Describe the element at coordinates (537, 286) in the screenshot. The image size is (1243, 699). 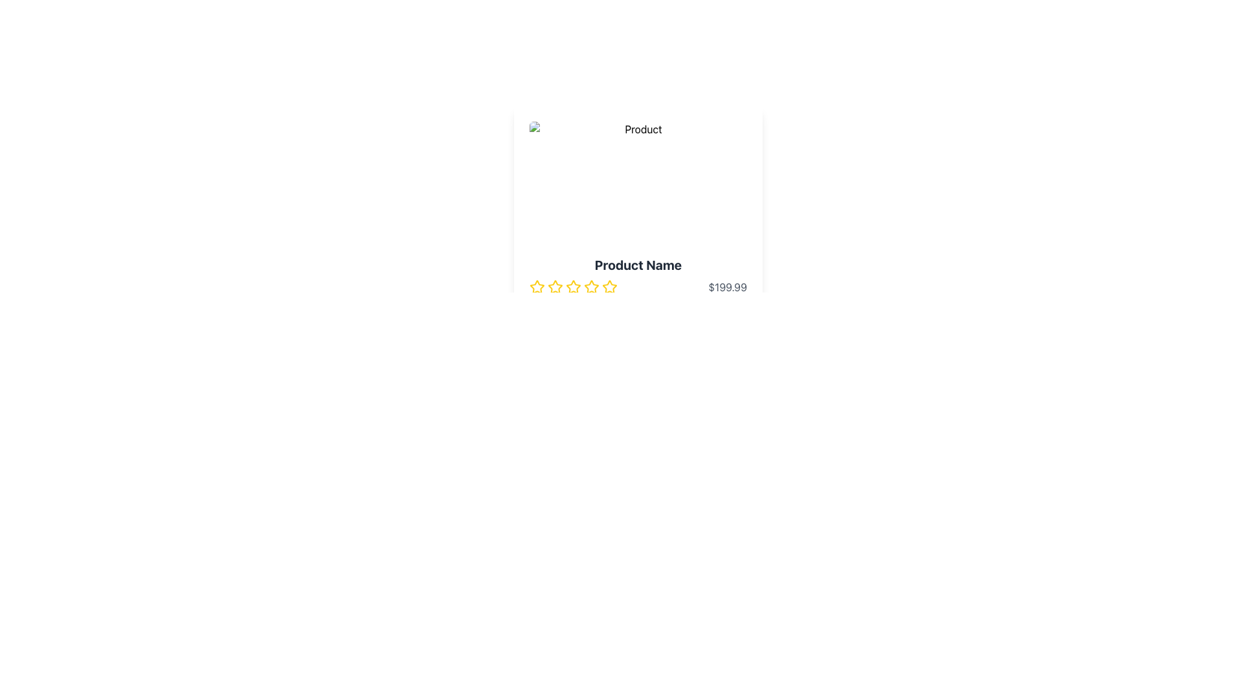
I see `the first yellow star icon used for rating, which is located at the bottom-left corner of the interface, adjacent to the text 'Product Name'` at that location.